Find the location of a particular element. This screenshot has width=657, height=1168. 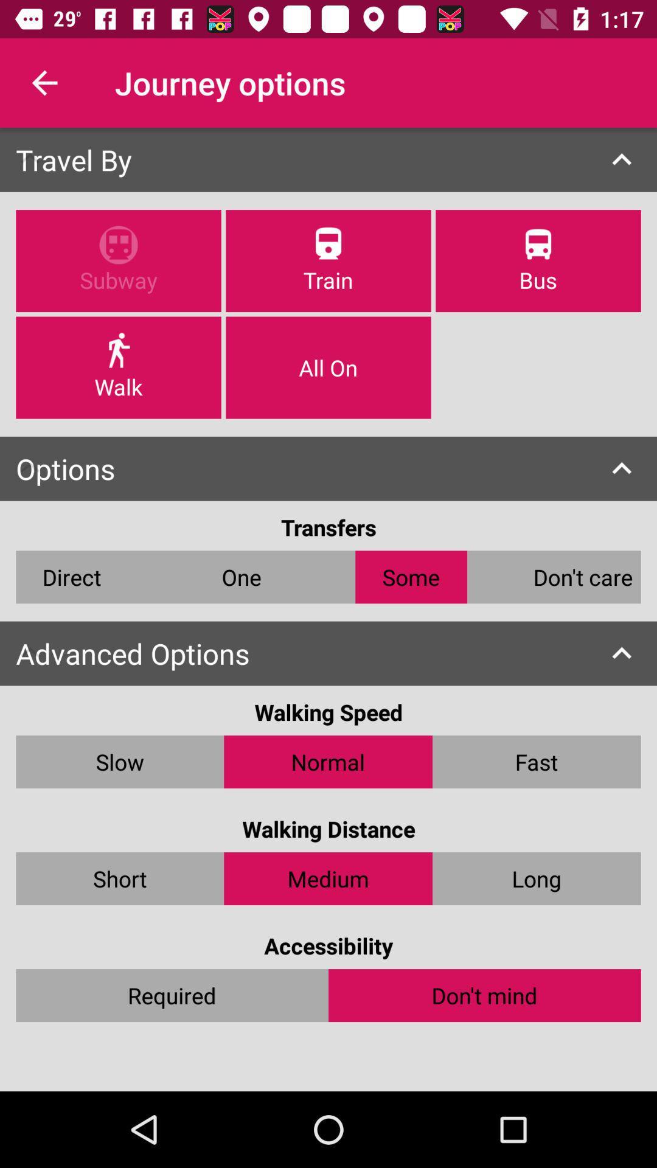

item next to the don't mind icon is located at coordinates (172, 995).